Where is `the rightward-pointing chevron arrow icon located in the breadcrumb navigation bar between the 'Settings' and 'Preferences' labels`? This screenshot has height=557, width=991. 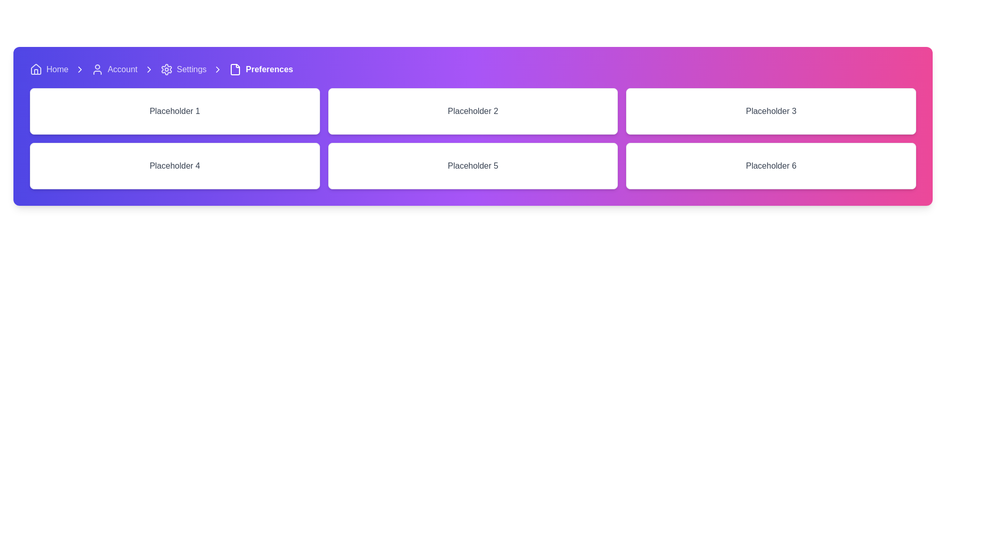
the rightward-pointing chevron arrow icon located in the breadcrumb navigation bar between the 'Settings' and 'Preferences' labels is located at coordinates (79, 70).